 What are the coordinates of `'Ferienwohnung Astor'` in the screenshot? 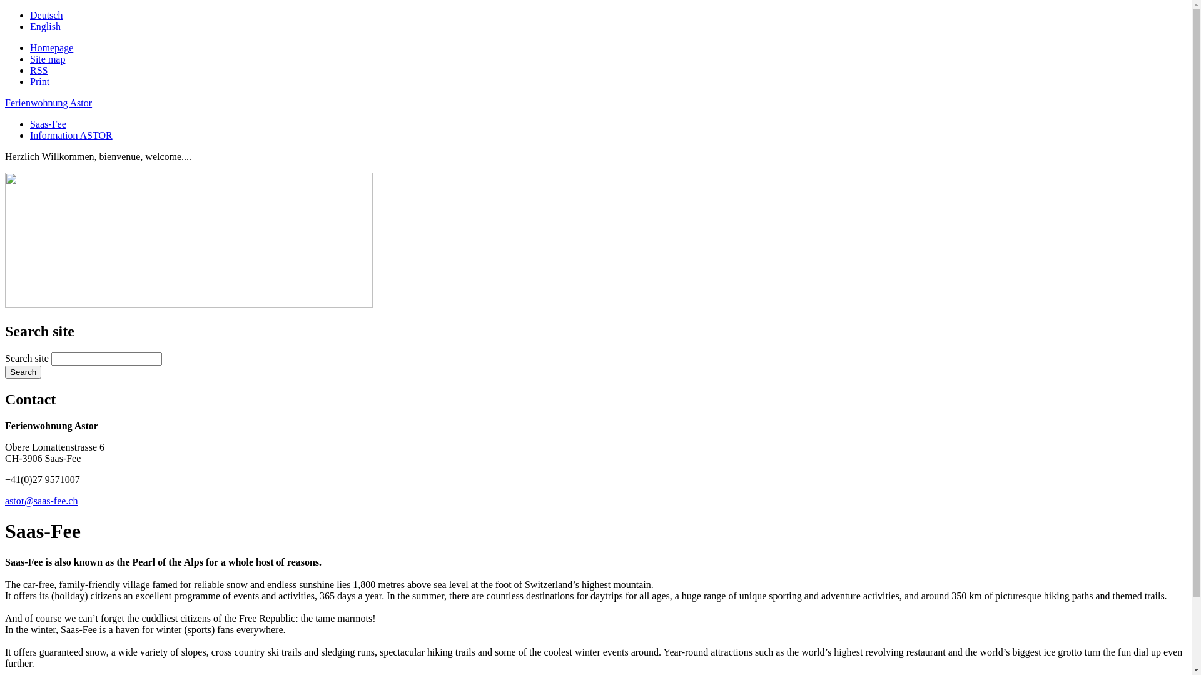 It's located at (48, 102).